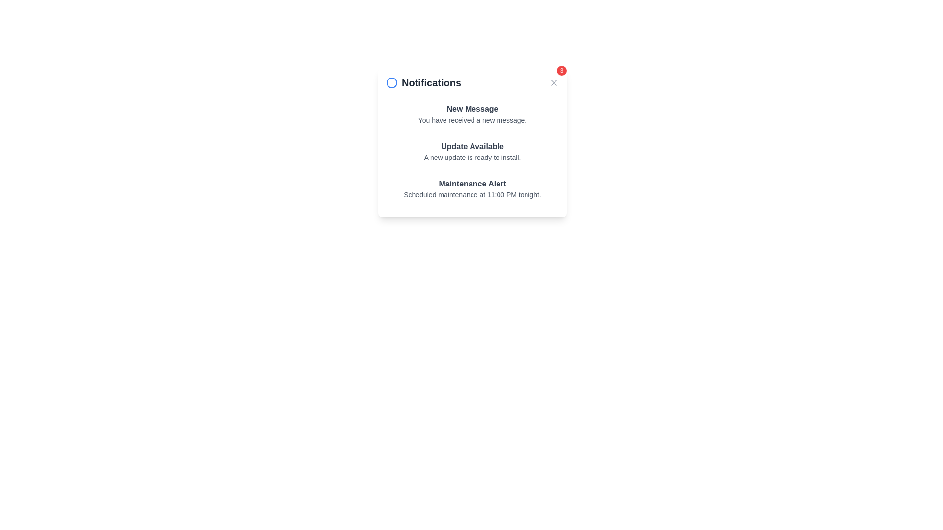 The width and height of the screenshot is (943, 530). Describe the element at coordinates (431, 82) in the screenshot. I see `the bold, large-sized text label displaying the word 'Notifications' positioned at the top section of the notification panel, adjacent to a blue circular icon` at that location.